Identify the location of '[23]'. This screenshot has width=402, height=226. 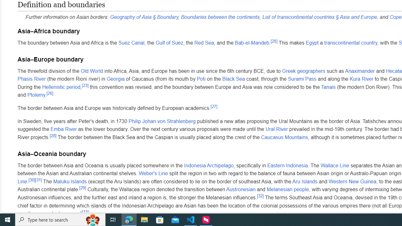
(84, 85).